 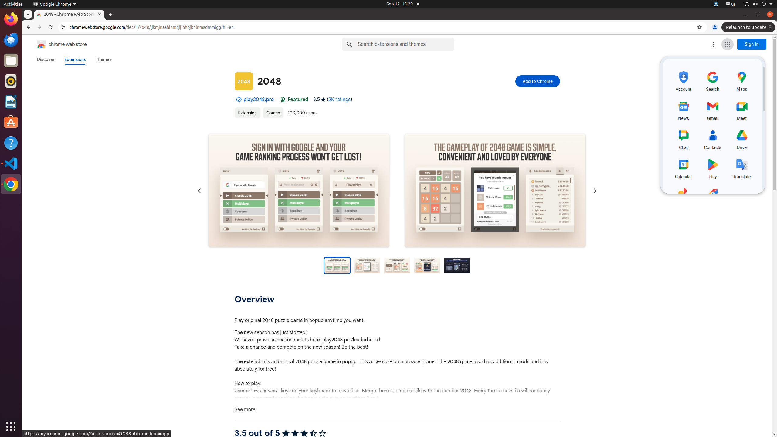 I want to click on 'Ubuntu Software', so click(x=11, y=122).